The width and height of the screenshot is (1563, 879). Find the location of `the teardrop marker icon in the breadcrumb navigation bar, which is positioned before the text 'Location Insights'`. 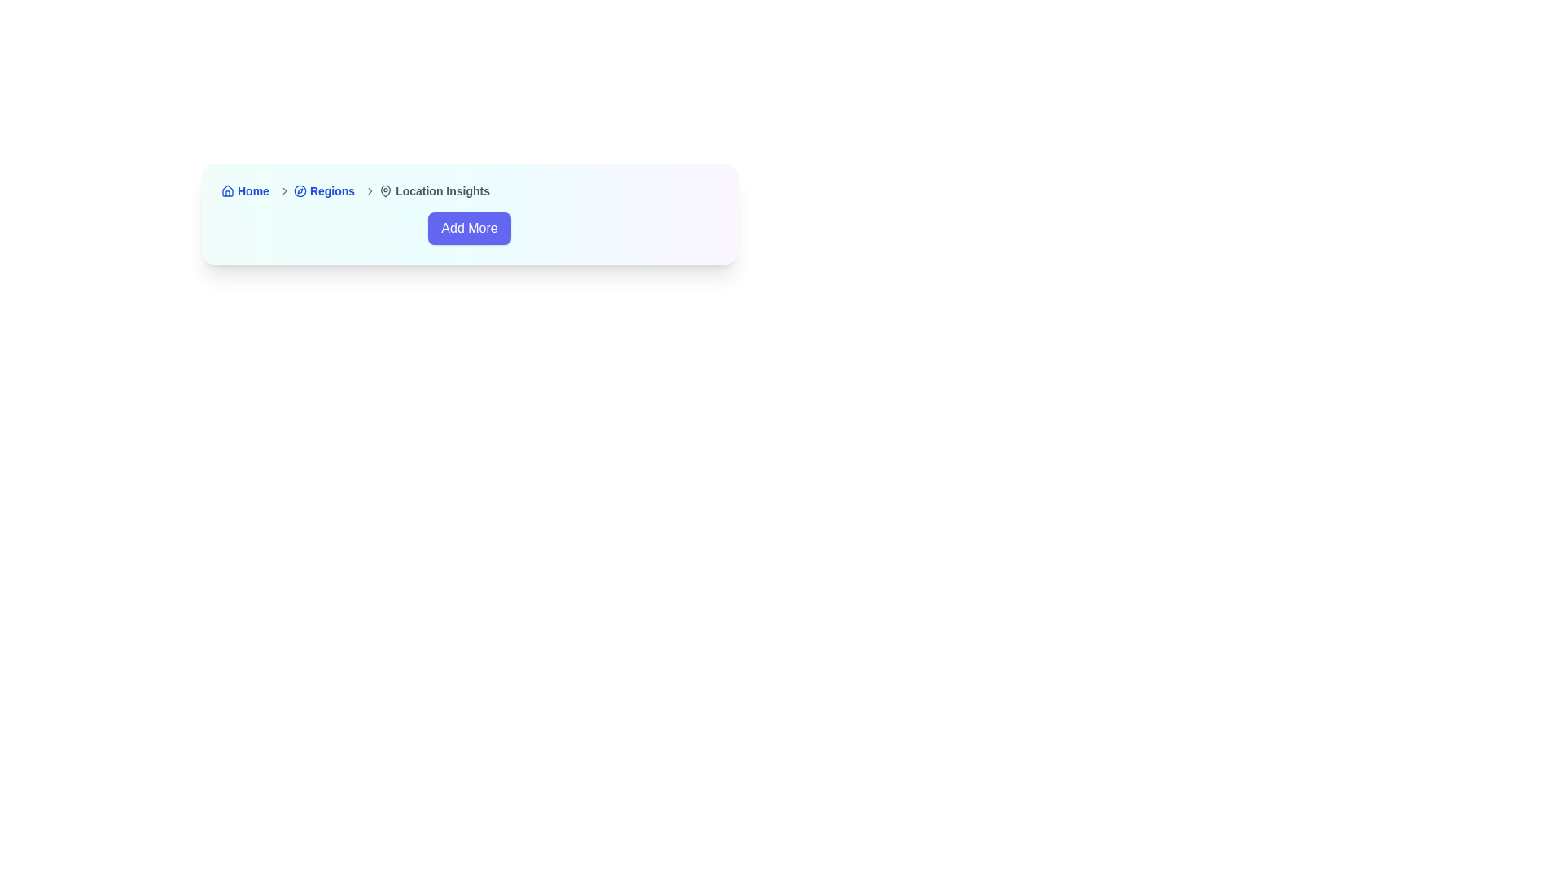

the teardrop marker icon in the breadcrumb navigation bar, which is positioned before the text 'Location Insights' is located at coordinates (385, 190).